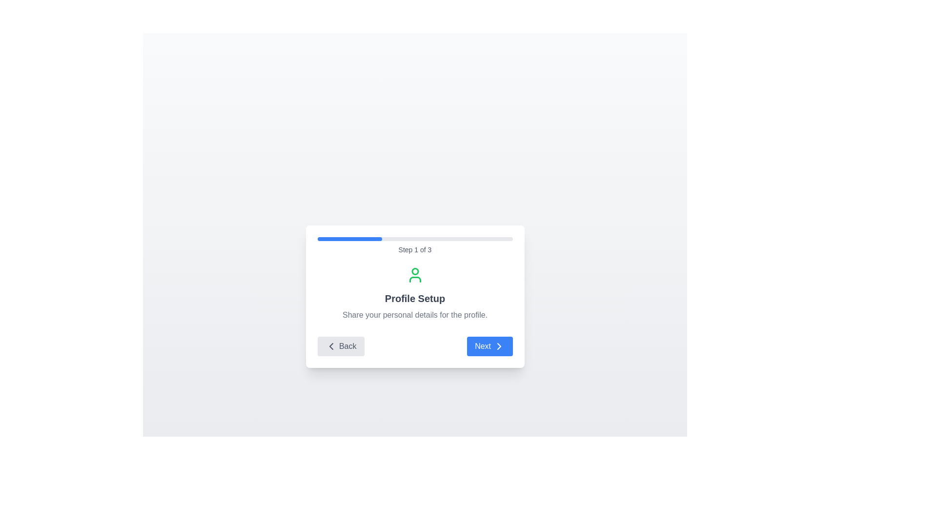  Describe the element at coordinates (331, 346) in the screenshot. I see `the left-facing chevron icon within the 'Back' button located at the lower-left side of the card interface` at that location.